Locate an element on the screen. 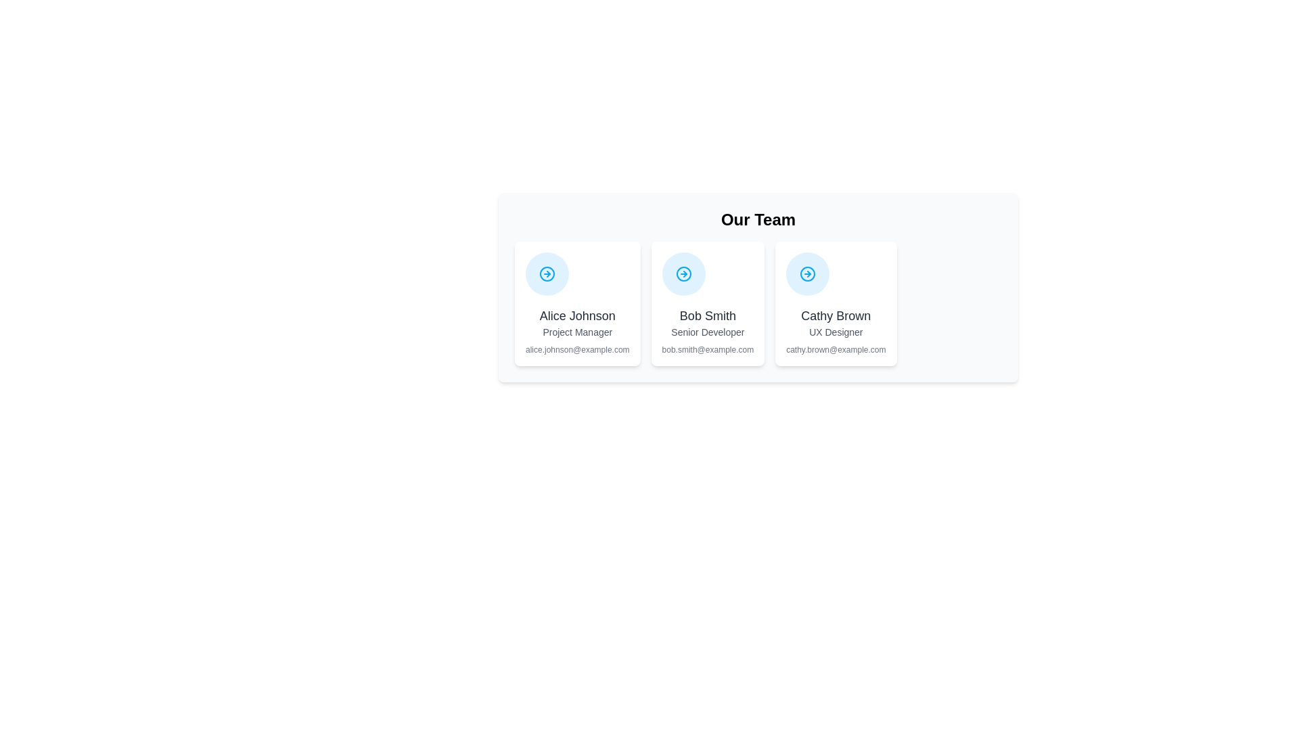 The image size is (1299, 731). the circular shape within the 'Circle-Arrow-Right' icon button for Bob Smith, located in the second team member card in the 'Our Team' section is located at coordinates (683, 274).